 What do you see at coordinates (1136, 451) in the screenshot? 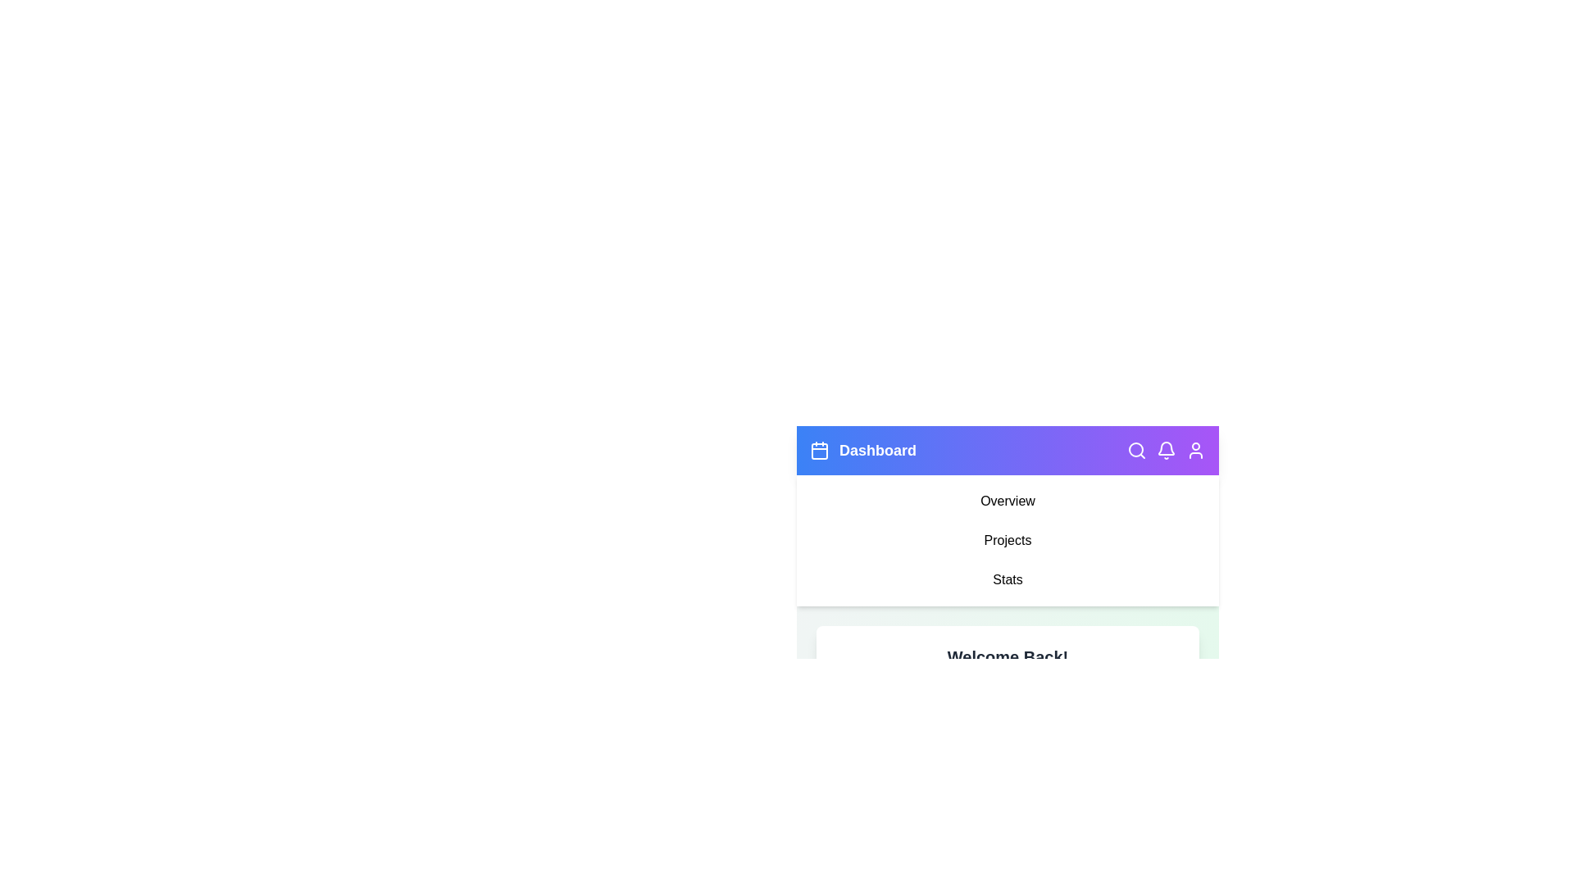
I see `the search button to activate the search functionality` at bounding box center [1136, 451].